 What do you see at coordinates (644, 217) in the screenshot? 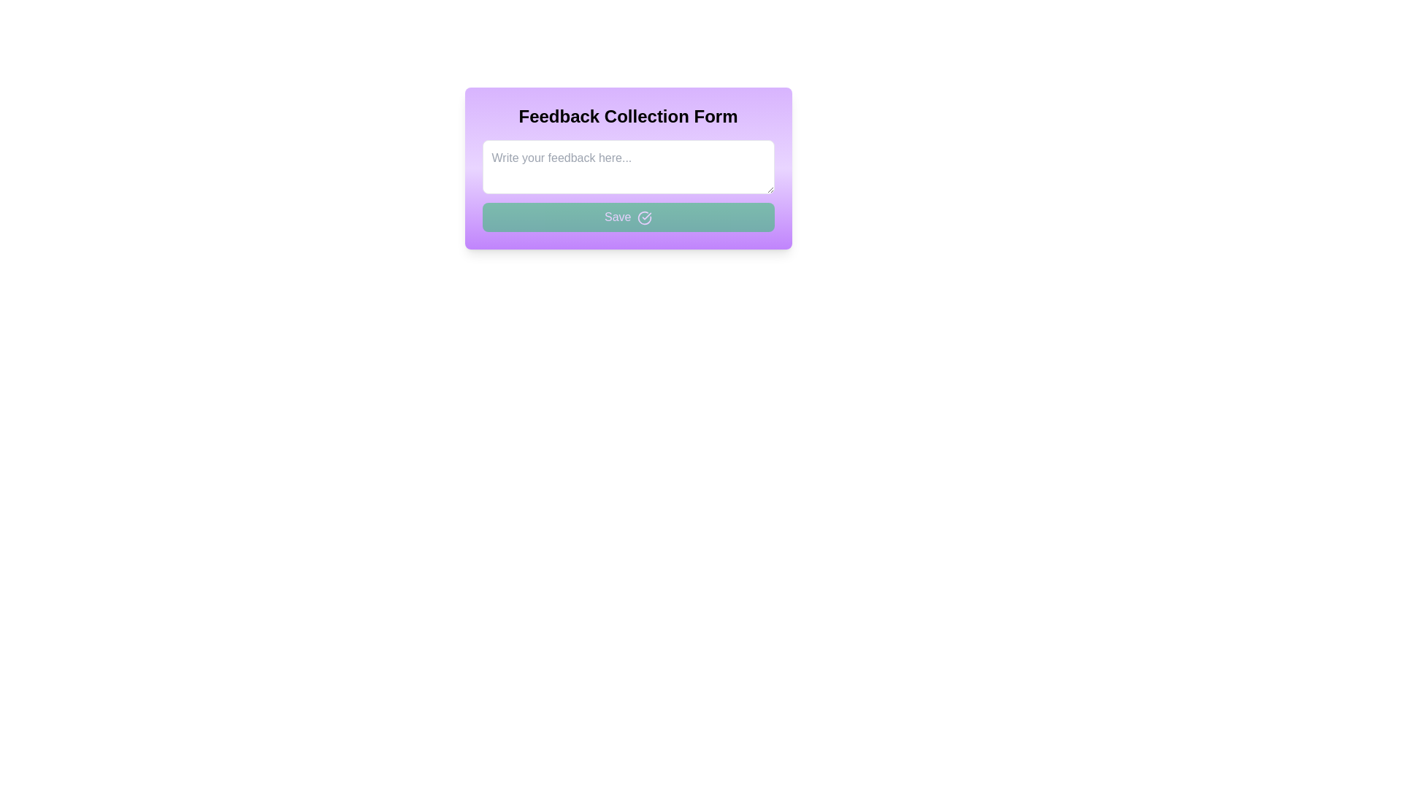
I see `the Circular check icon located to the right of the 'Save' button, which indicates completion or confirmation` at bounding box center [644, 217].